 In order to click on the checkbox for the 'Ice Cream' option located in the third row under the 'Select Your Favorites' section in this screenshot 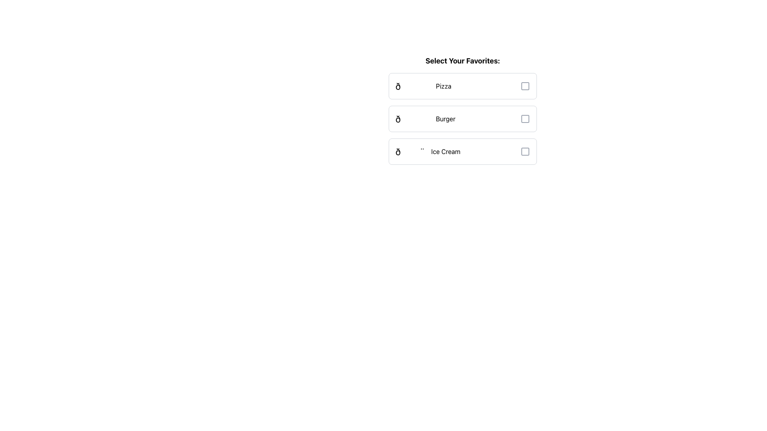, I will do `click(525, 152)`.